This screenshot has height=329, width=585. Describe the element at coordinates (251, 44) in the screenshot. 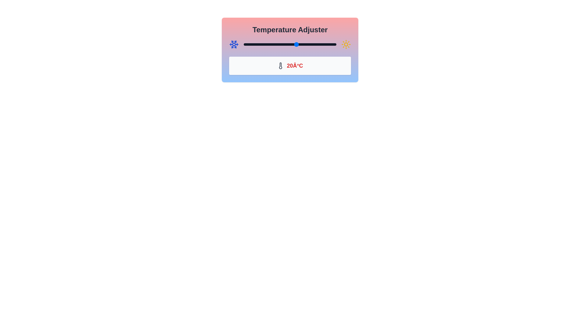

I see `the temperature to -14°C using the slider` at that location.